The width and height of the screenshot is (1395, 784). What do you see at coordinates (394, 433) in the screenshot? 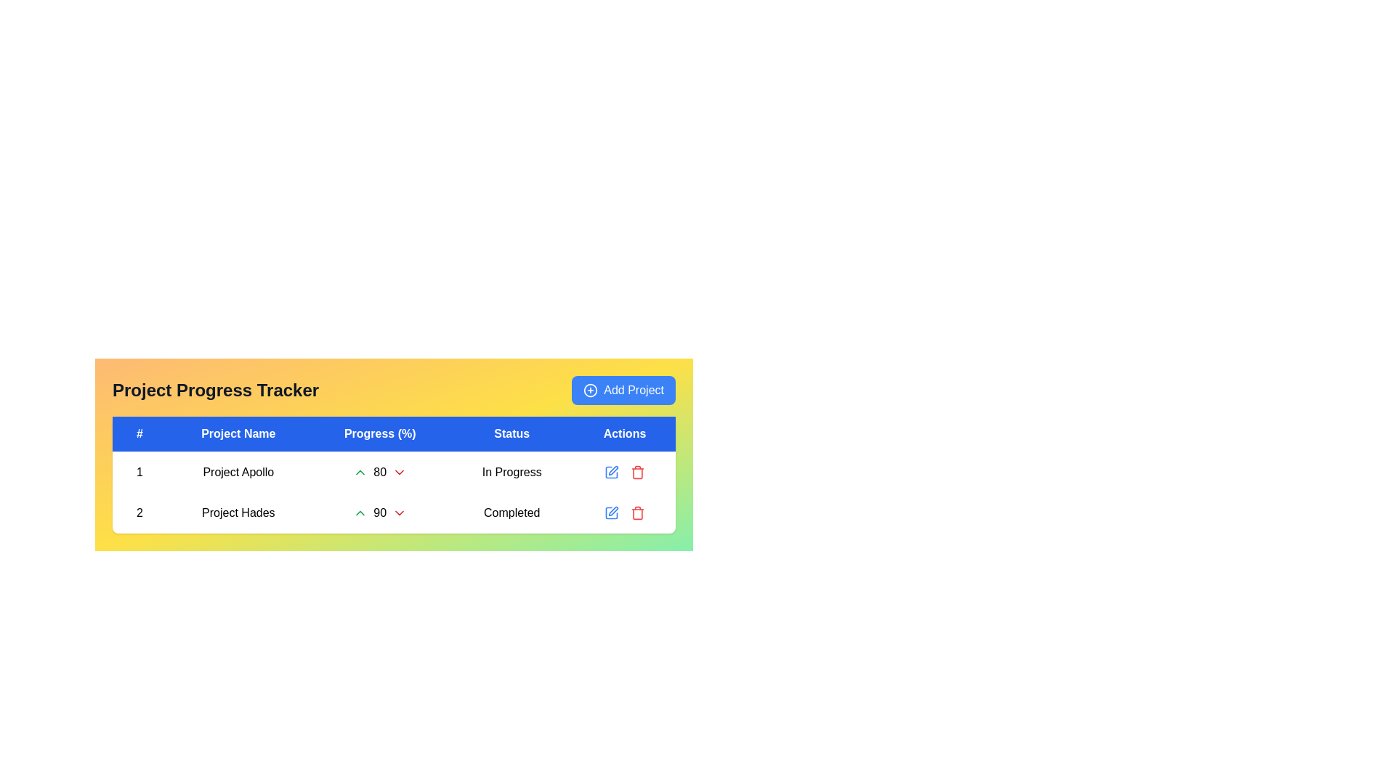
I see `the Table Header Row of the Project Progress Tracker, which features a blue background with white bold text and contains five column titles: '#', 'Project Name', 'Progress (%)', 'Status', and 'Actions'` at bounding box center [394, 433].